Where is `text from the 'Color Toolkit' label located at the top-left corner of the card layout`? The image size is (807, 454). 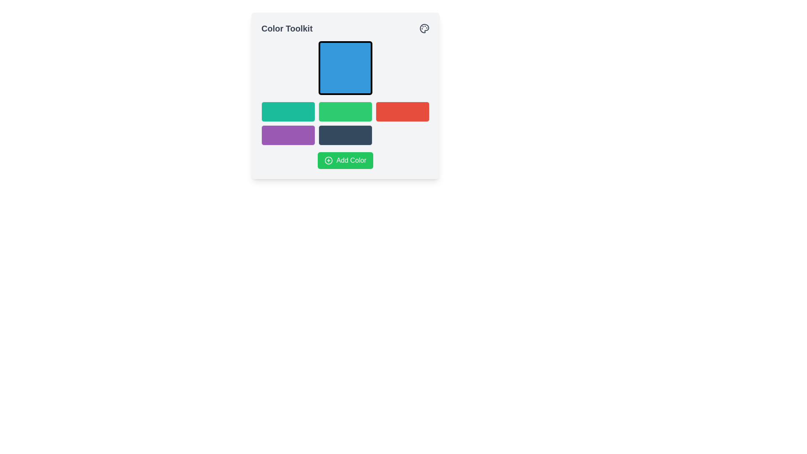 text from the 'Color Toolkit' label located at the top-left corner of the card layout is located at coordinates (287, 28).